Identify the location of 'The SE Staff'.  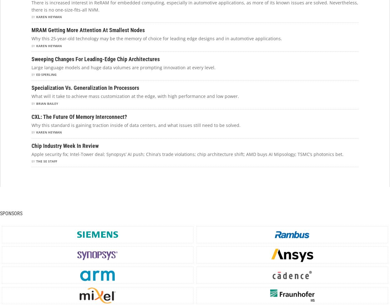
(46, 161).